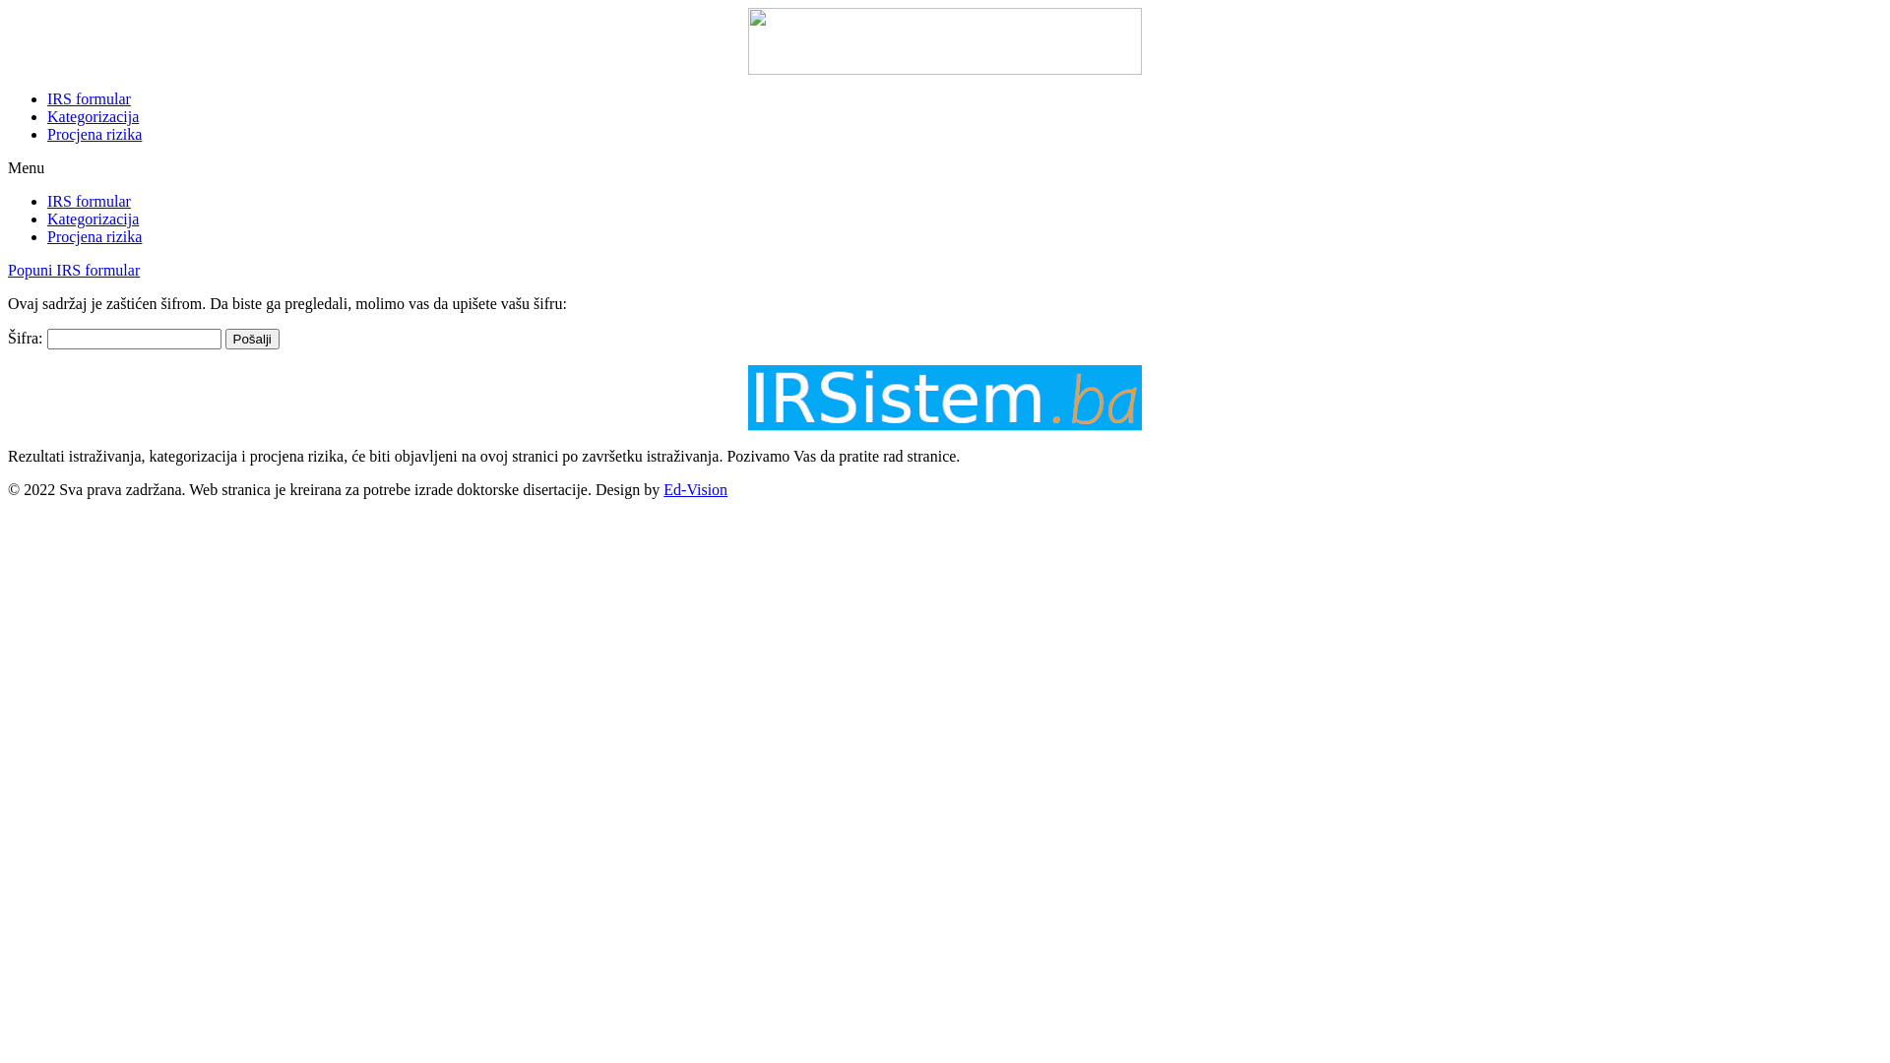  I want to click on 'irsistem_logo_01', so click(945, 399).